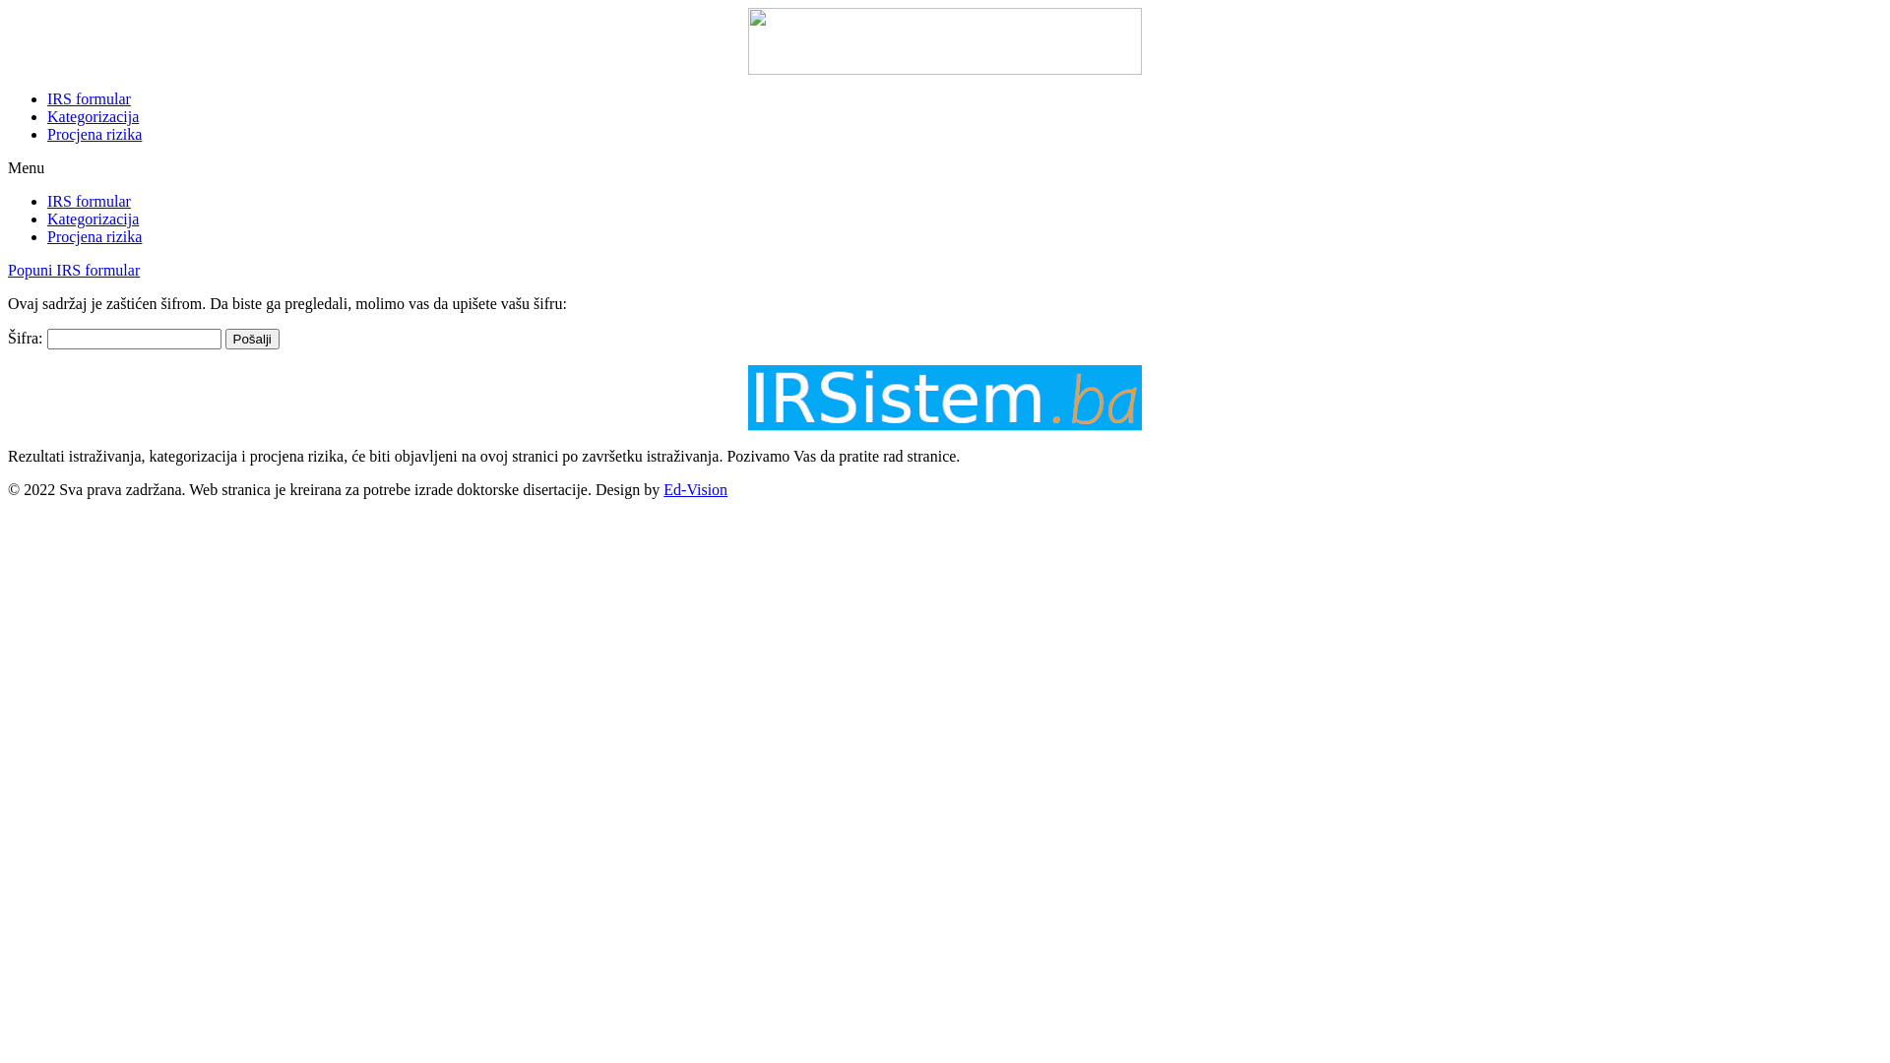  I want to click on 'irsistem_logo_01', so click(945, 399).